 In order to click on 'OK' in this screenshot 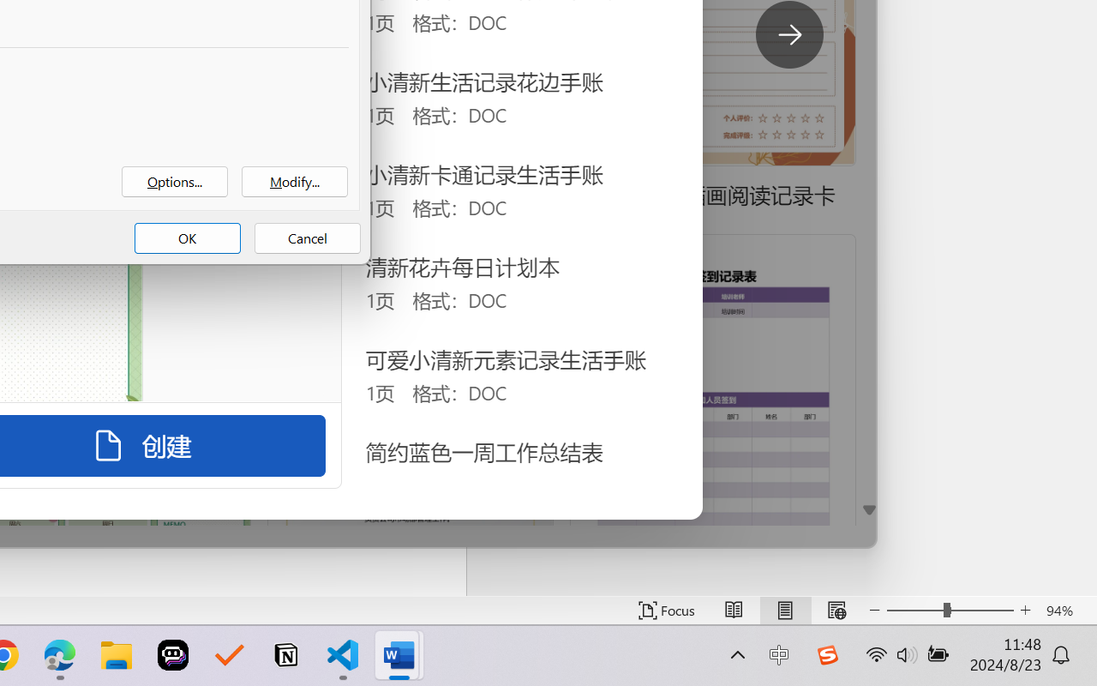, I will do `click(187, 238)`.